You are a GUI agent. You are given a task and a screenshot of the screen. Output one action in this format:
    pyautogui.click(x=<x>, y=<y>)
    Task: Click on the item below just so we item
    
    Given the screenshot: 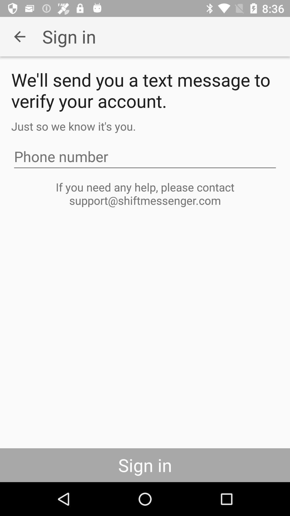 What is the action you would take?
    pyautogui.click(x=145, y=156)
    